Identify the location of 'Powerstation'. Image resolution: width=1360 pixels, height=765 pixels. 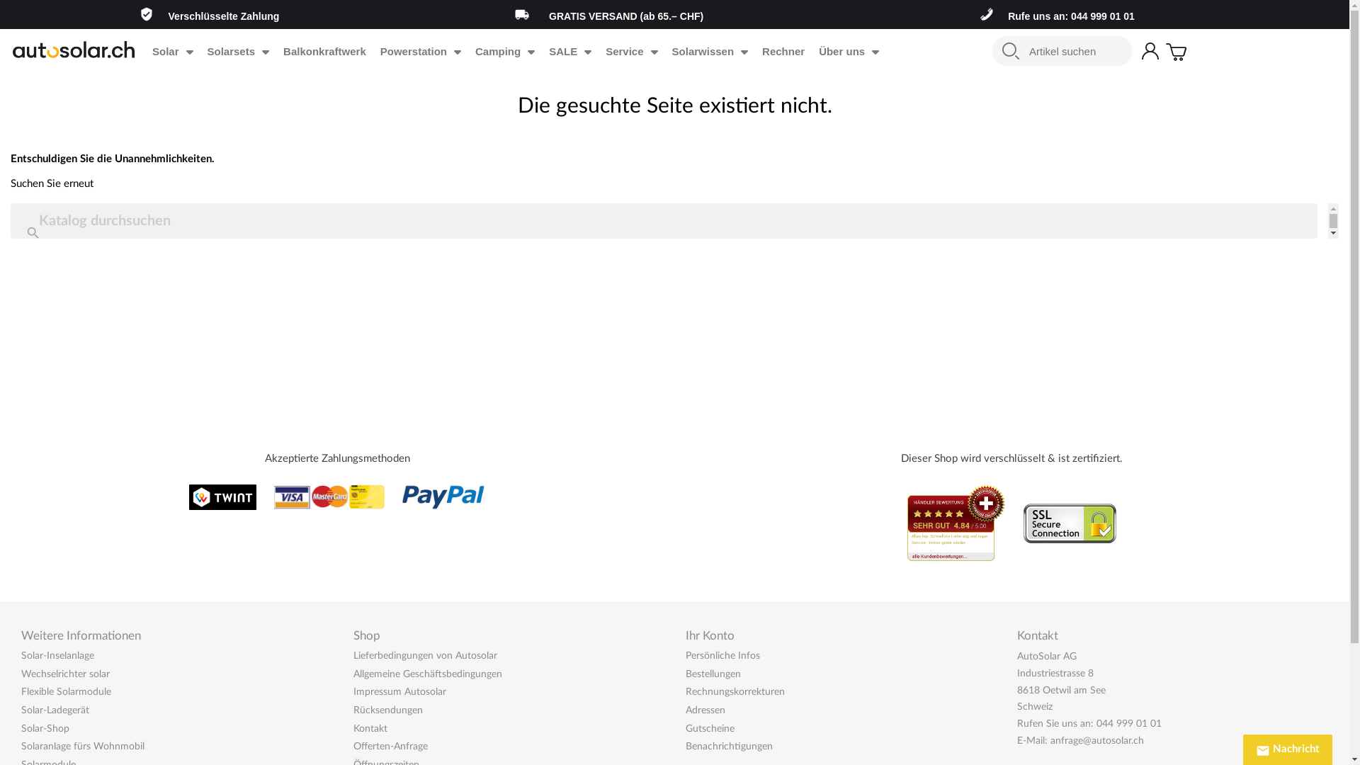
(420, 51).